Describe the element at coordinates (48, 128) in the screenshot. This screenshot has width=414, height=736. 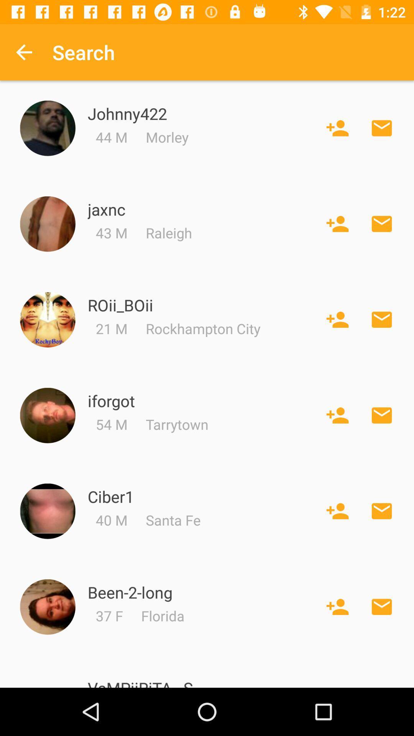
I see `profile` at that location.